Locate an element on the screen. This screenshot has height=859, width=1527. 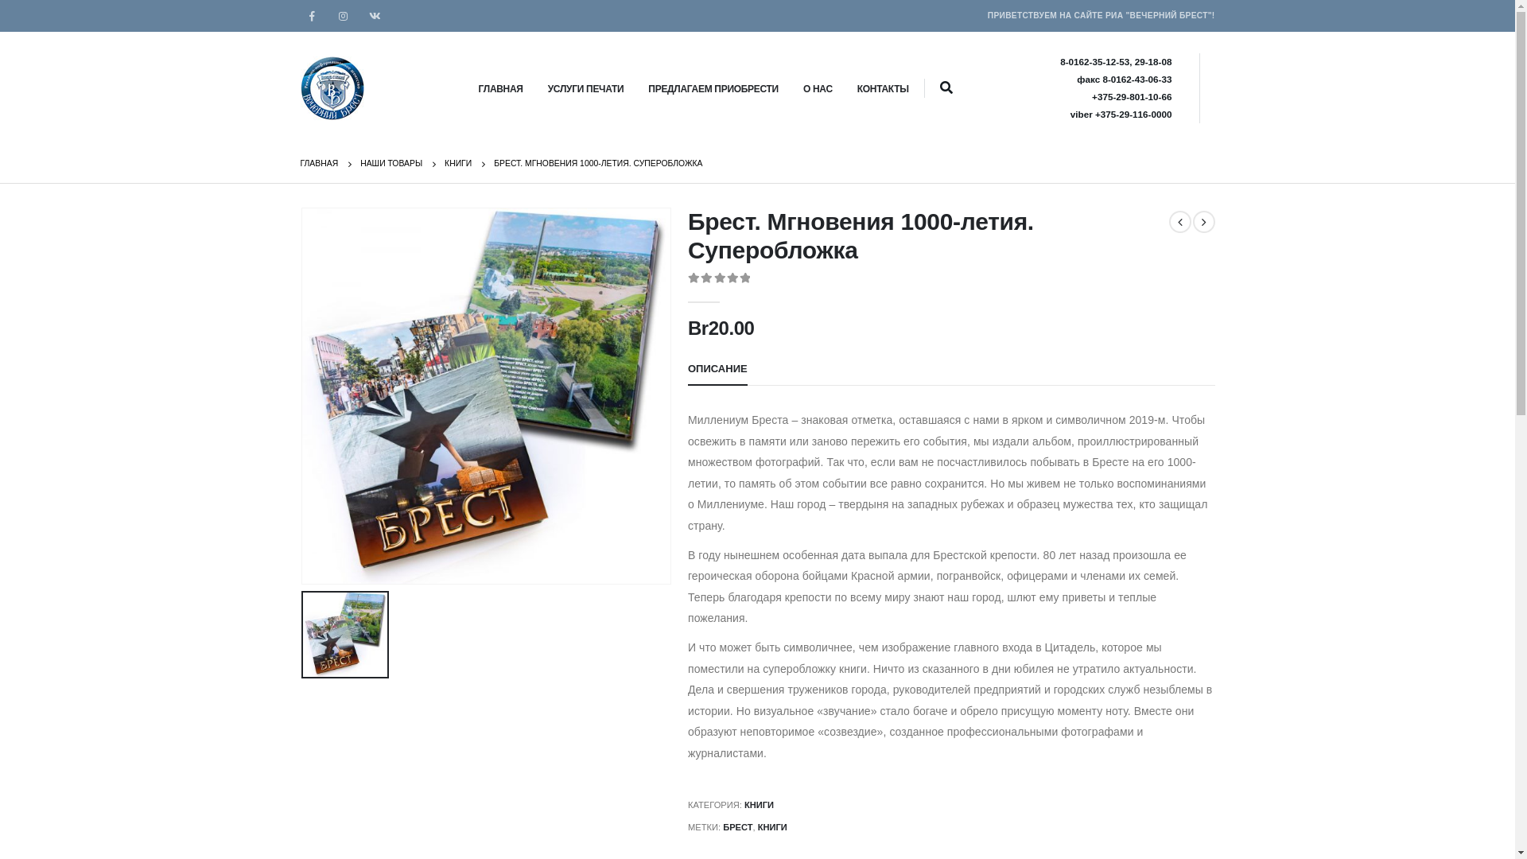
'Facebook' is located at coordinates (312, 15).